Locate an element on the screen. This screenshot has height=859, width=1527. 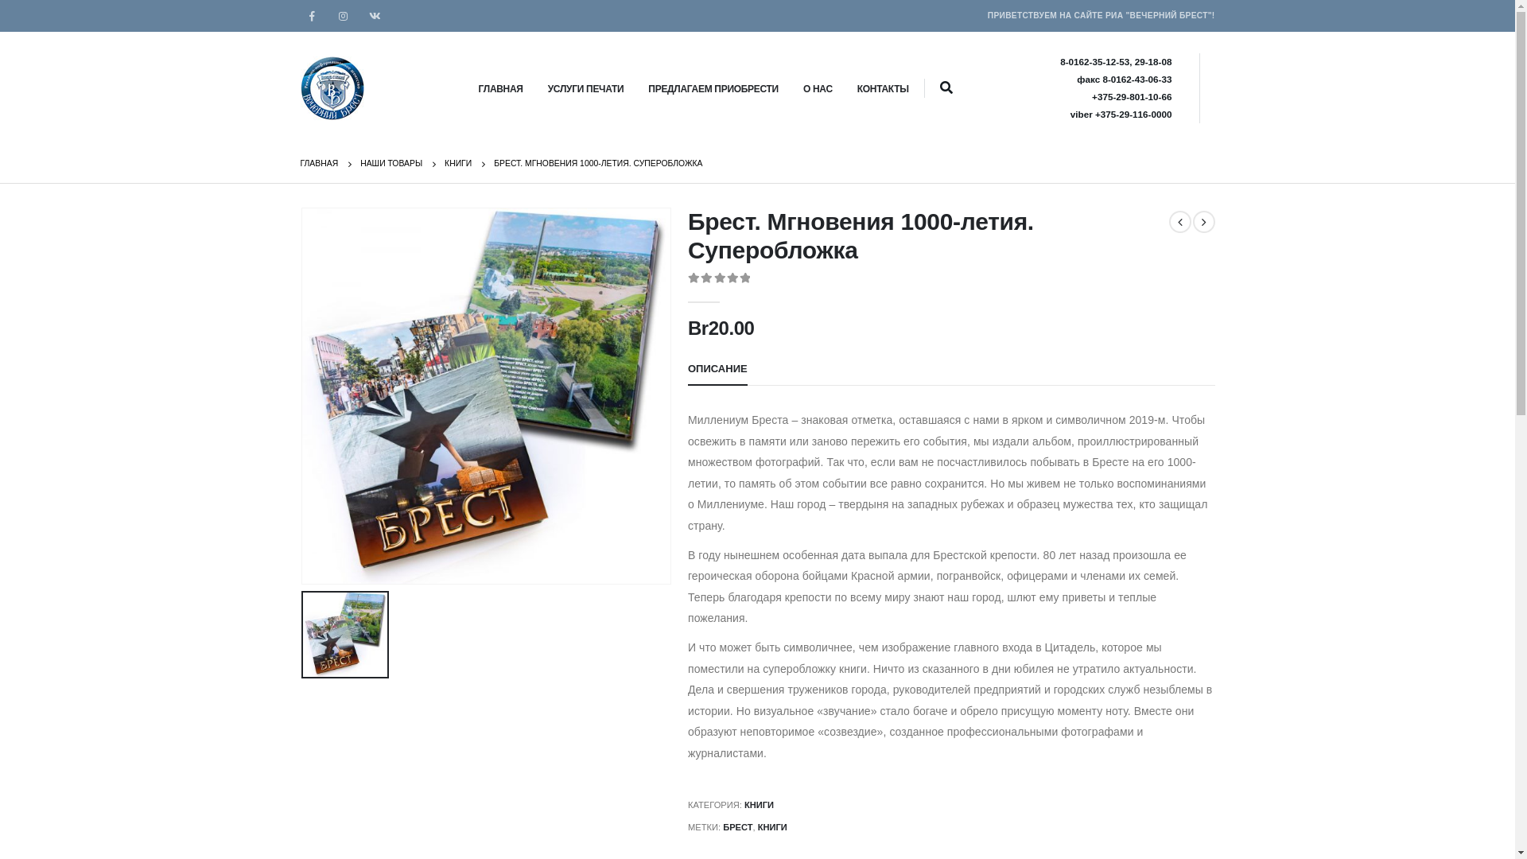
'Facebook' is located at coordinates (312, 15).